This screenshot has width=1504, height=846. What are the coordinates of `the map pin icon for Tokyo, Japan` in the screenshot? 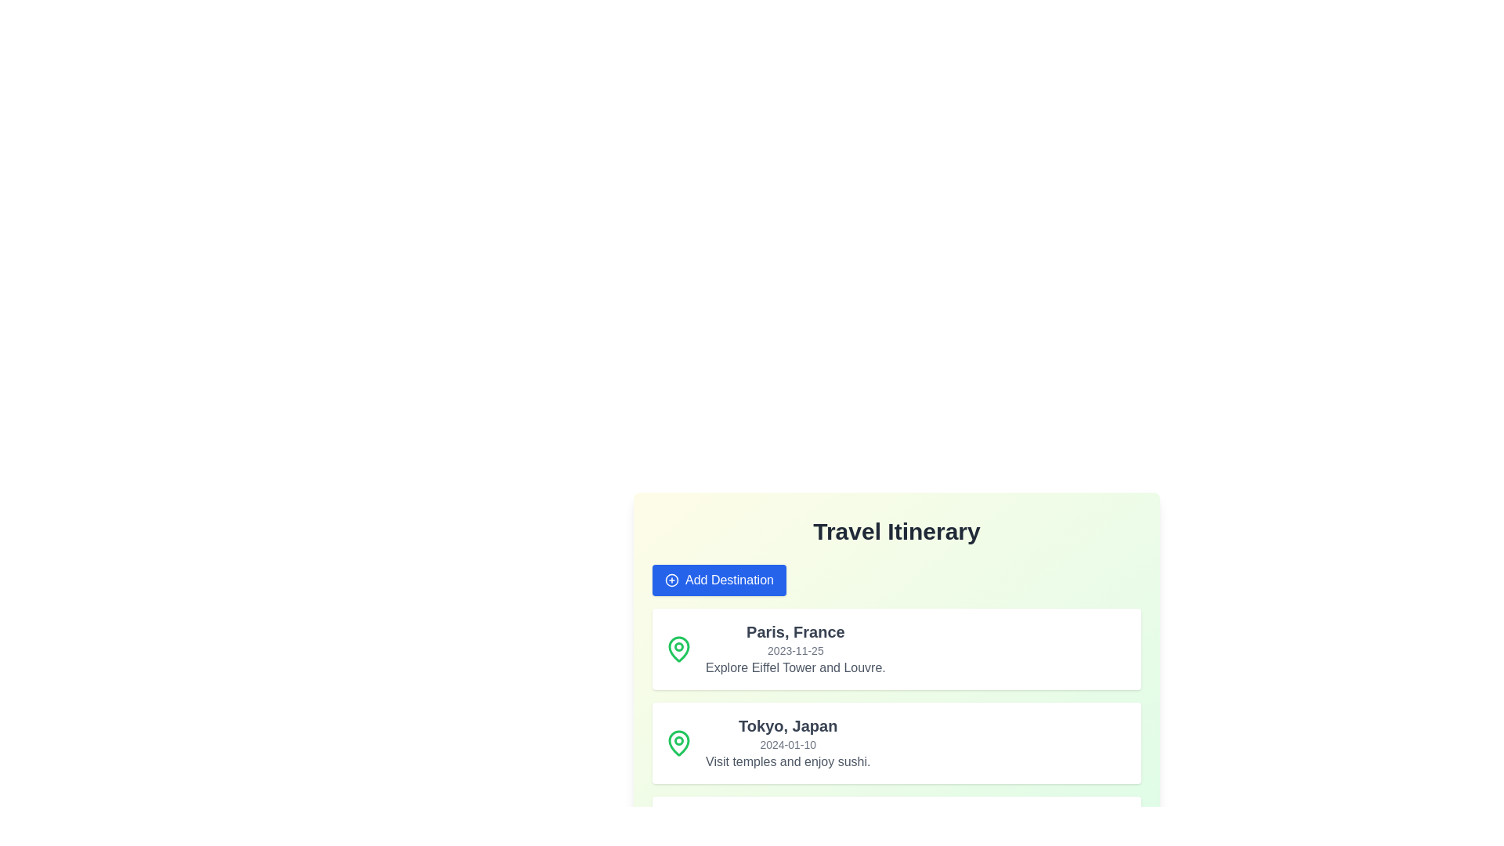 It's located at (679, 742).